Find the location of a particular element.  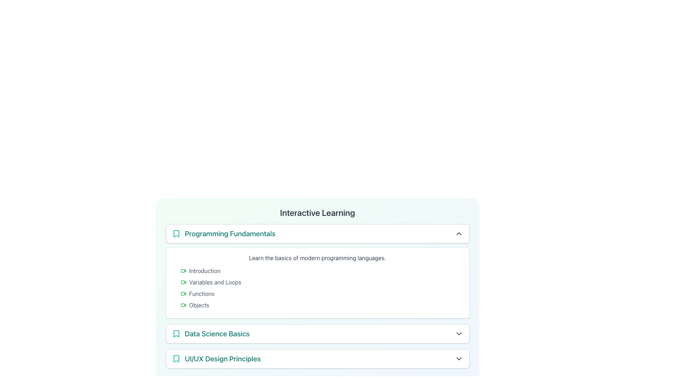

the third entry in the list under 'Programming Fundamentals' is located at coordinates (321, 293).